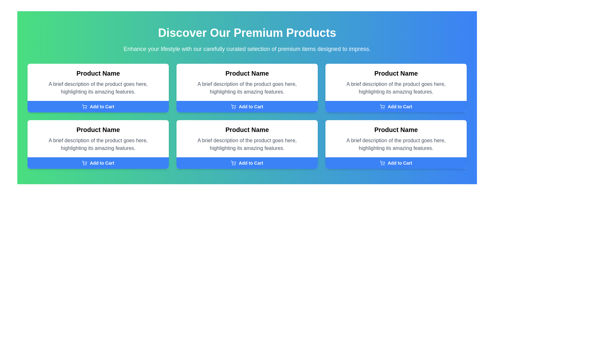  Describe the element at coordinates (98, 88) in the screenshot. I see `the textual description located within the first product card, positioned below the product name text` at that location.